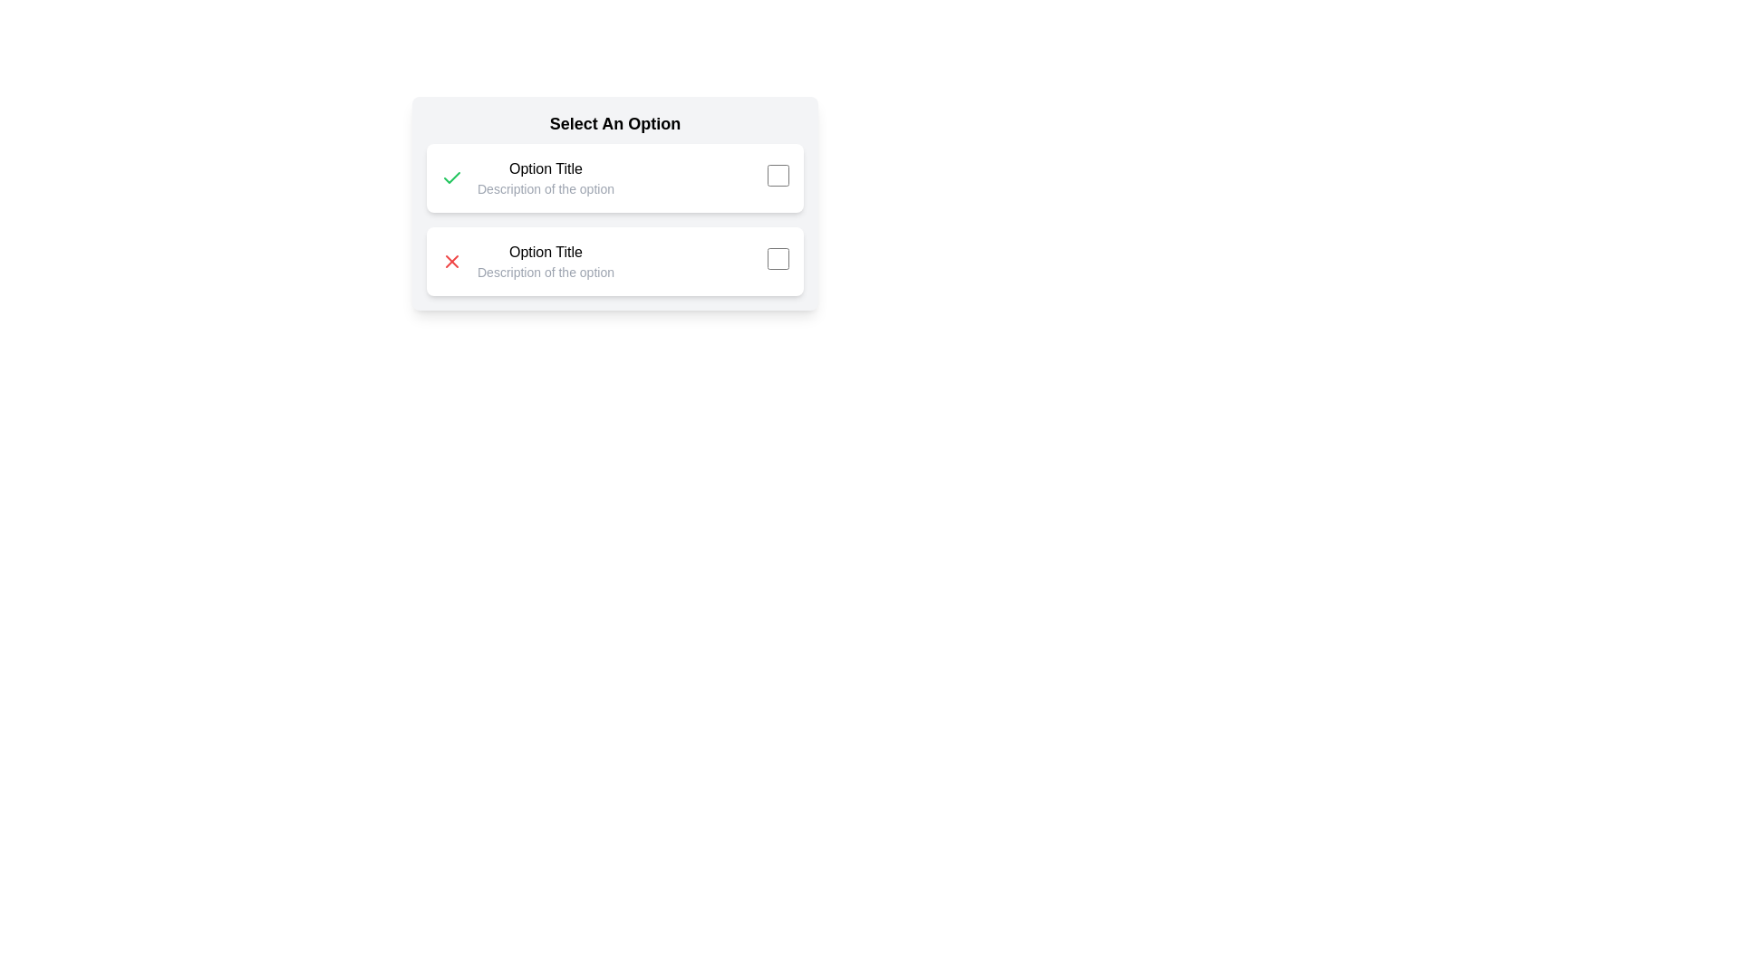  What do you see at coordinates (452, 262) in the screenshot?
I see `the red 'X' icon indicating an incorrect or deactivated status located in the second option under the 'Select An Option' section` at bounding box center [452, 262].